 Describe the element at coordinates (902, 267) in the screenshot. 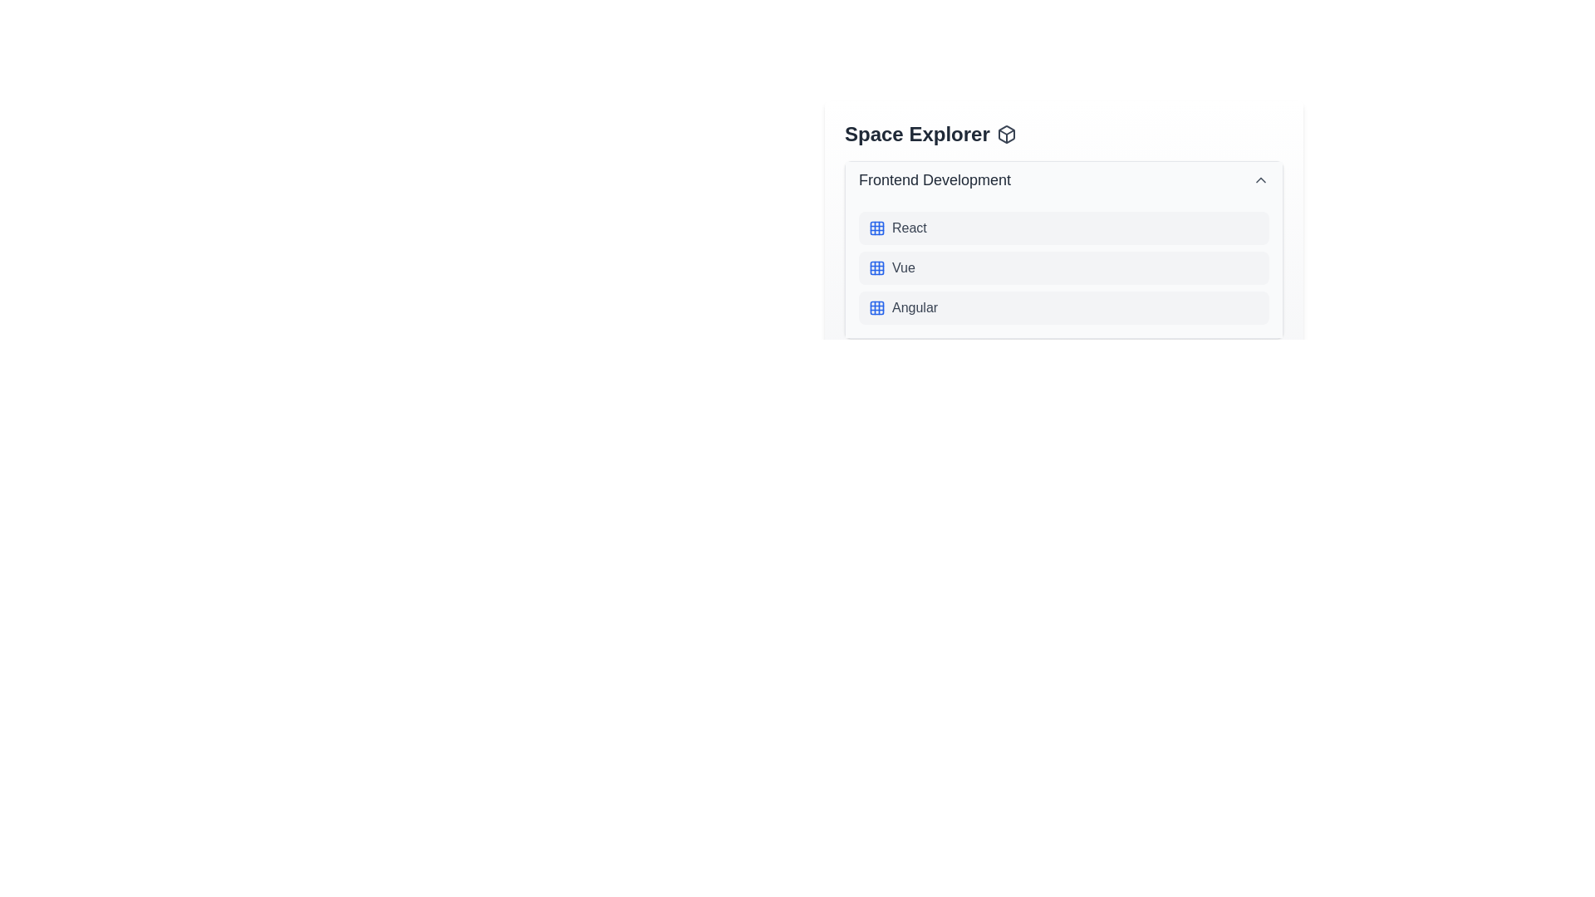

I see `the 'Vue' text label within the interactive list` at that location.